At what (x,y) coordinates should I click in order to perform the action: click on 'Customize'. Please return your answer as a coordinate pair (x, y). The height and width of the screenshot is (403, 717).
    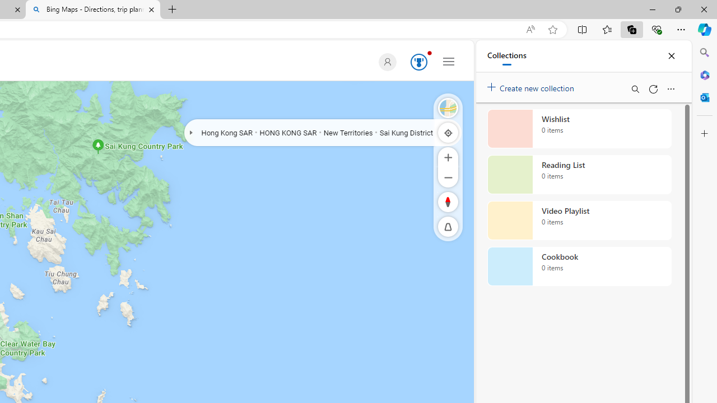
    Looking at the image, I should click on (704, 133).